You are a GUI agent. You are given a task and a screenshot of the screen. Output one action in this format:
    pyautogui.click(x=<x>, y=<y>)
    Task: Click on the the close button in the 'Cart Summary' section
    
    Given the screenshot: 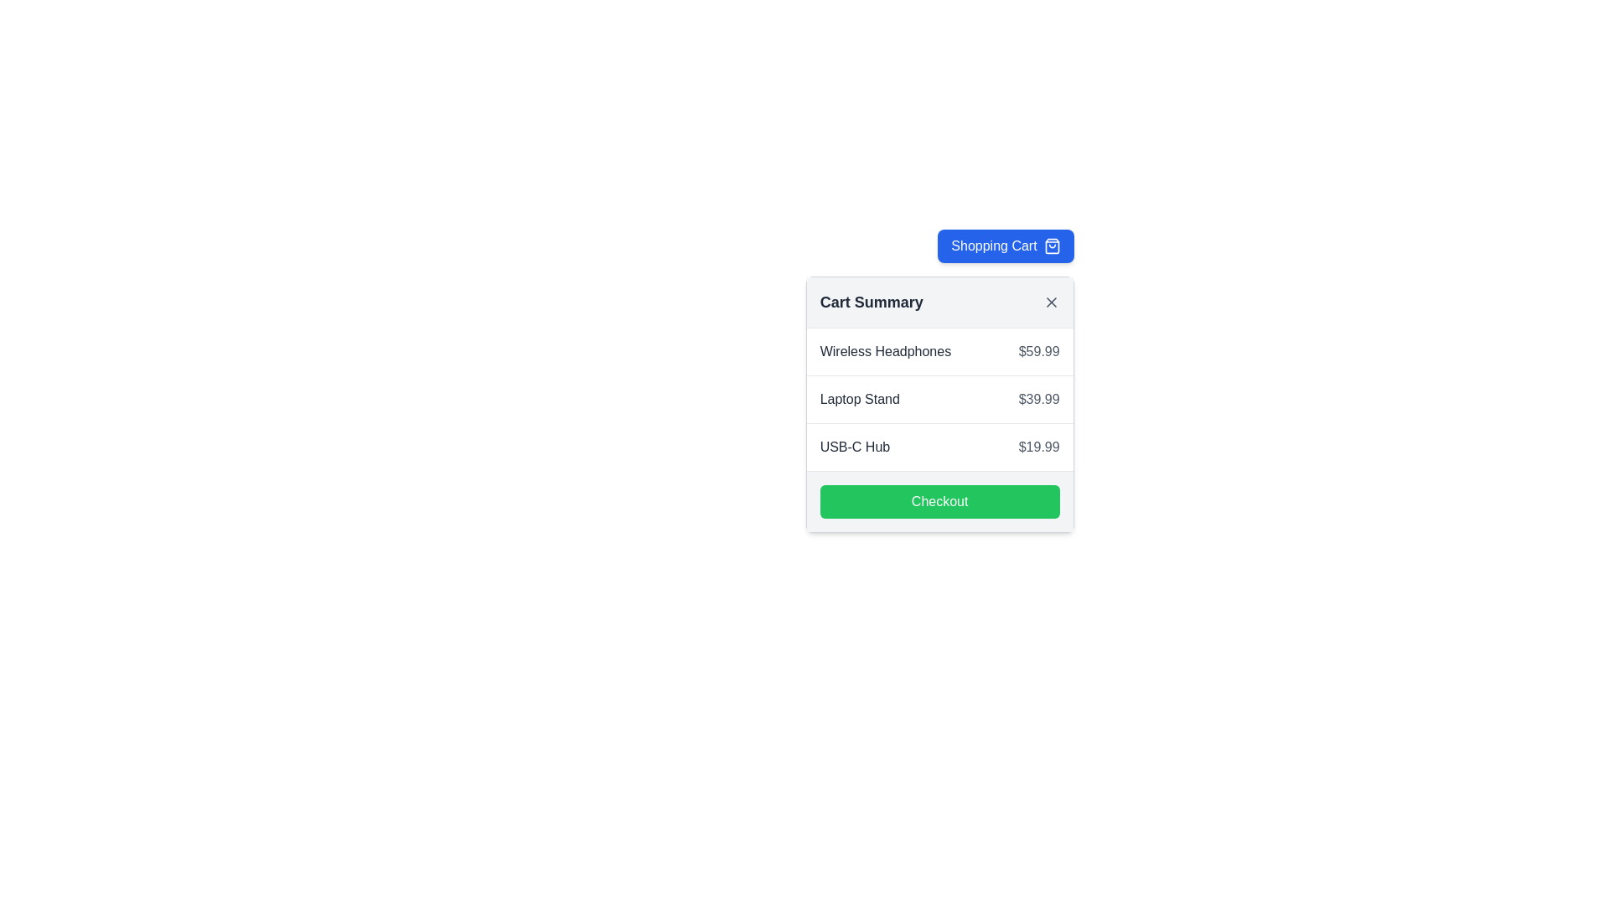 What is the action you would take?
    pyautogui.click(x=1050, y=303)
    